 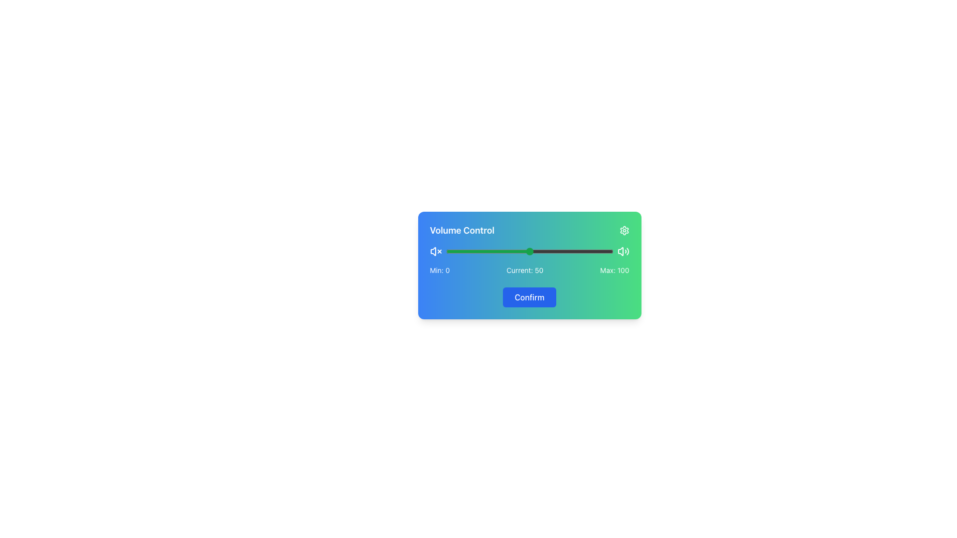 I want to click on the volume slider, so click(x=454, y=251).